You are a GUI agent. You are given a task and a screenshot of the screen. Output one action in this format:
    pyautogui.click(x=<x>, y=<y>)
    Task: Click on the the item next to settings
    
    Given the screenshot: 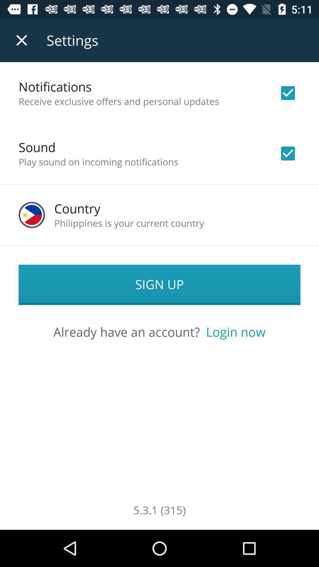 What is the action you would take?
    pyautogui.click(x=21, y=40)
    